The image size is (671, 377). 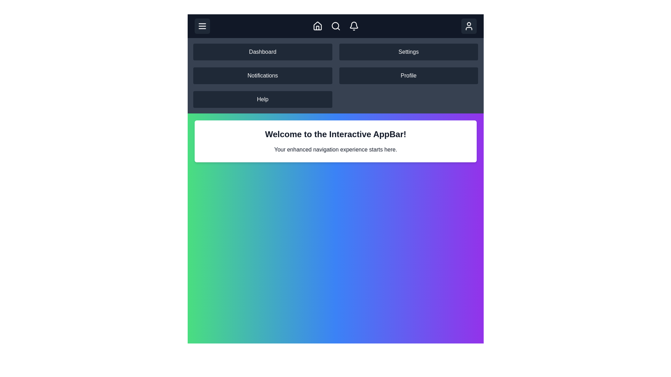 What do you see at coordinates (409, 75) in the screenshot?
I see `the navigation item Profile` at bounding box center [409, 75].